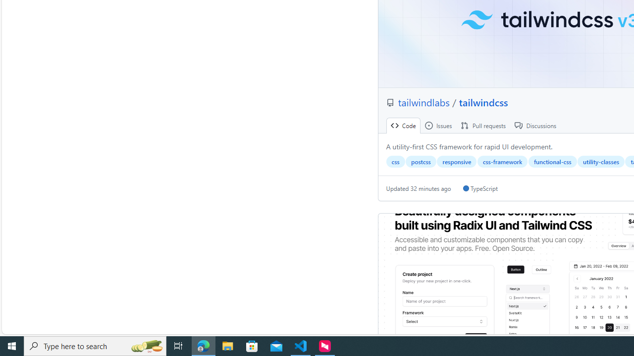 This screenshot has height=356, width=634. What do you see at coordinates (425, 102) in the screenshot?
I see `'tailwindlabs '` at bounding box center [425, 102].